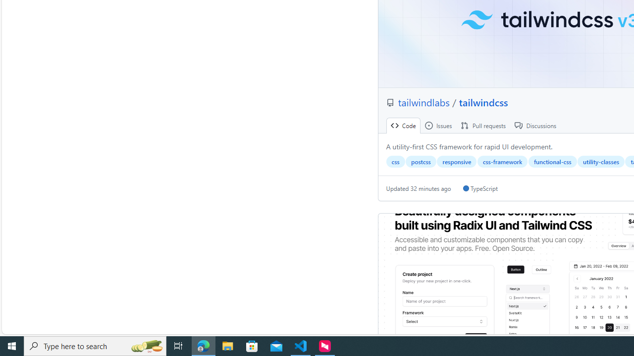 This screenshot has height=356, width=634. What do you see at coordinates (425, 102) in the screenshot?
I see `'tailwindlabs '` at bounding box center [425, 102].